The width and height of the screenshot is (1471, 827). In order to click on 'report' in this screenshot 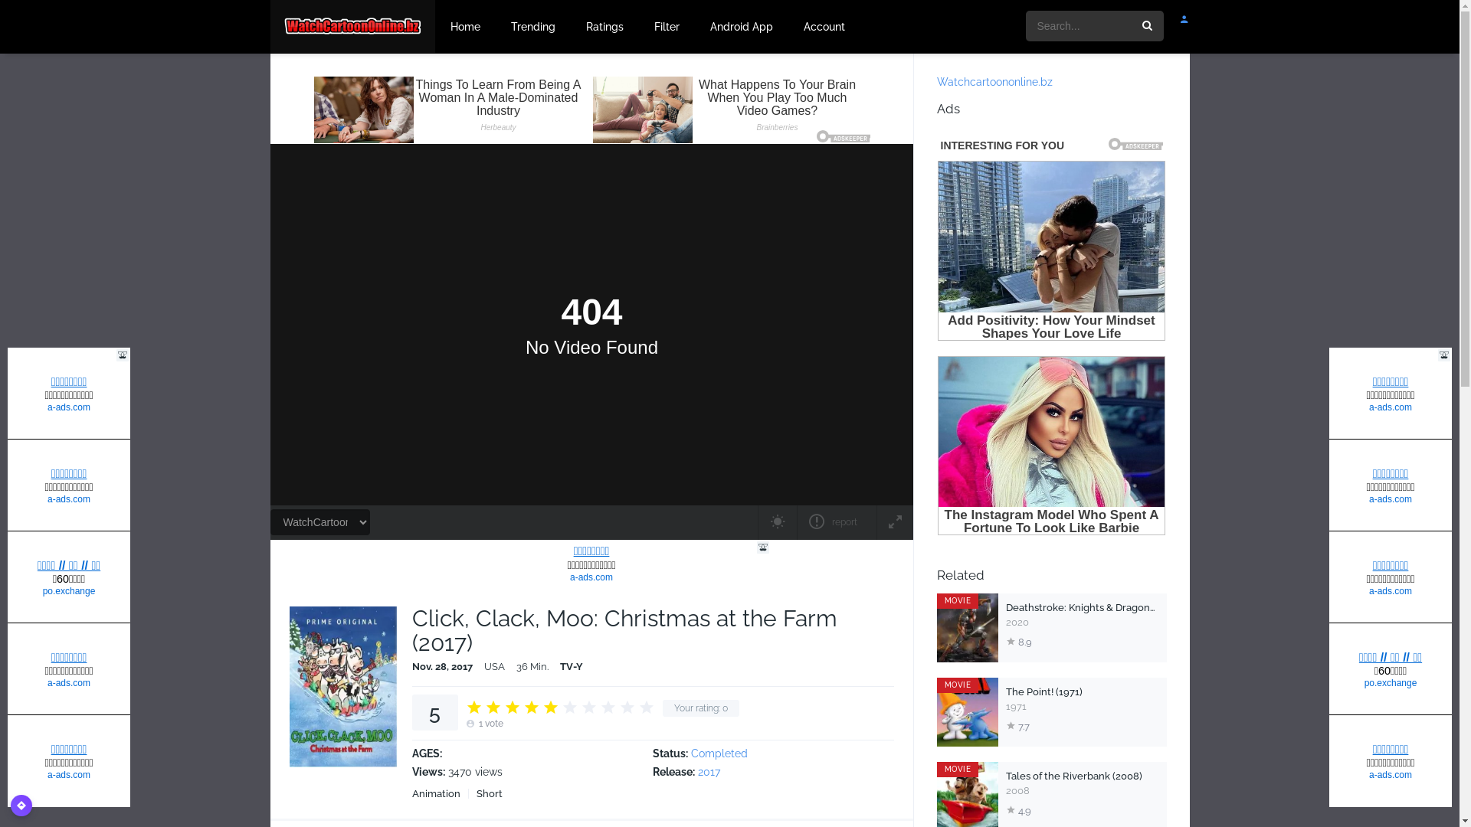, I will do `click(835, 521)`.